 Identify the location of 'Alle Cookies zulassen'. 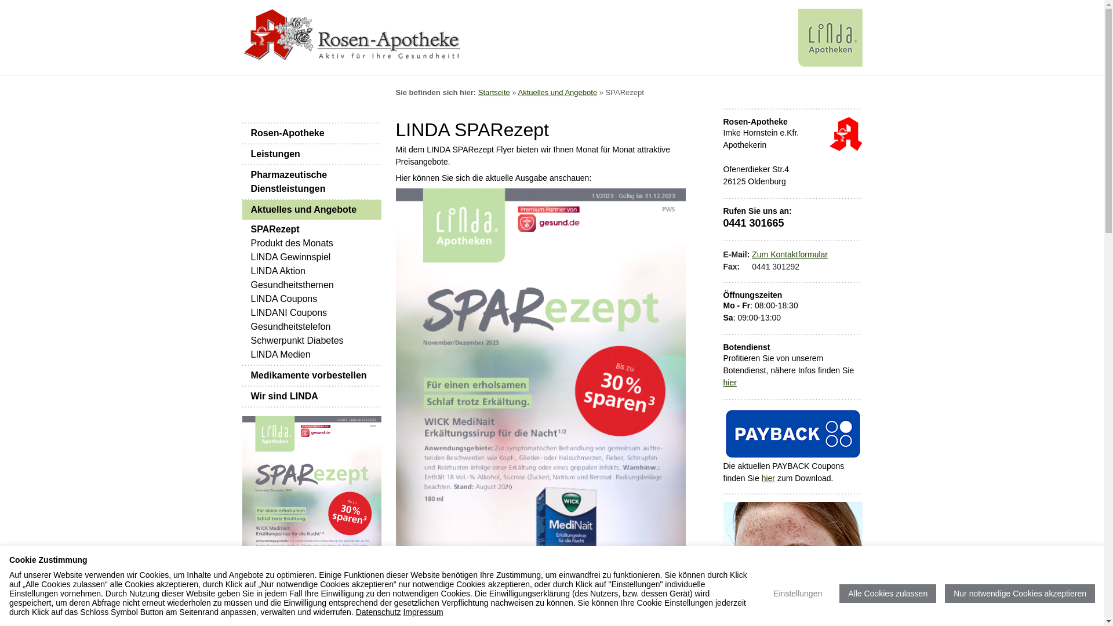
(887, 593).